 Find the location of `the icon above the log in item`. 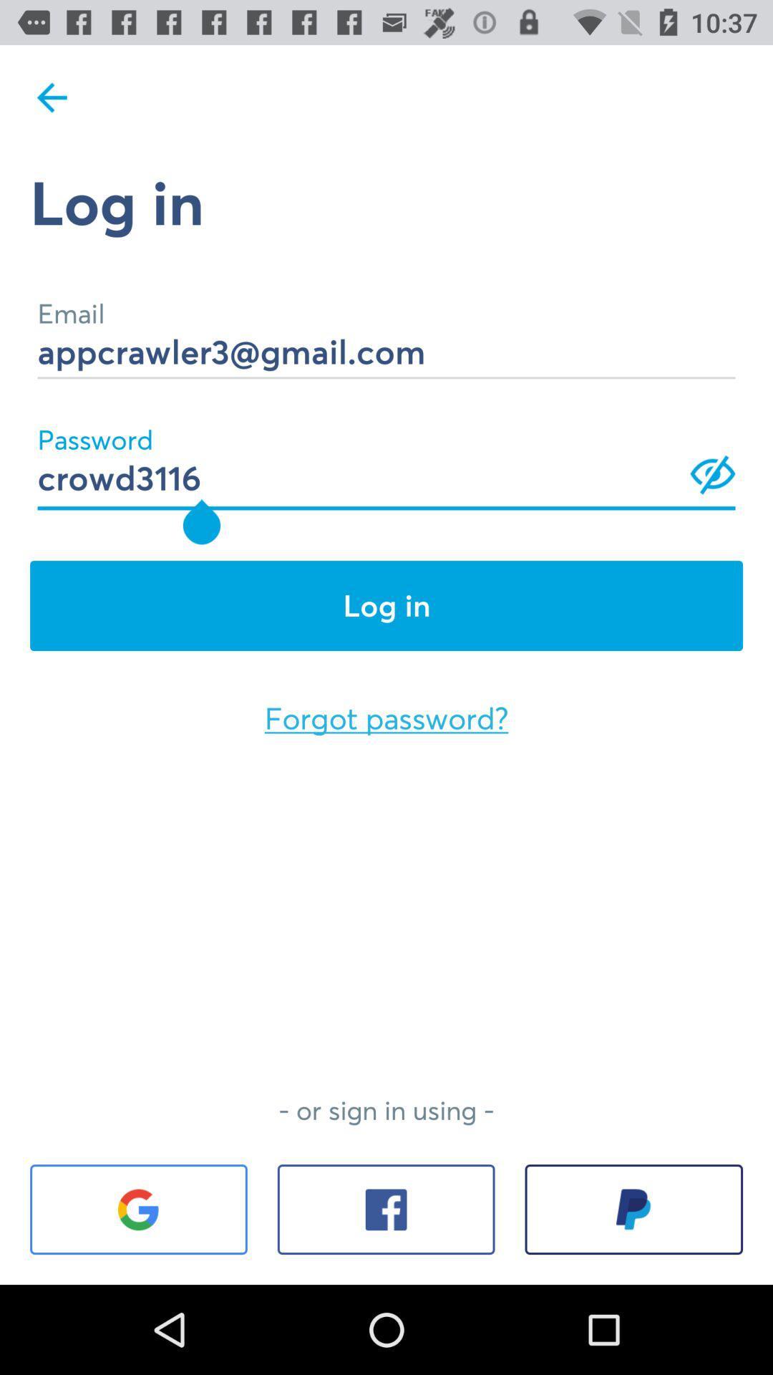

the icon above the log in item is located at coordinates (386, 458).